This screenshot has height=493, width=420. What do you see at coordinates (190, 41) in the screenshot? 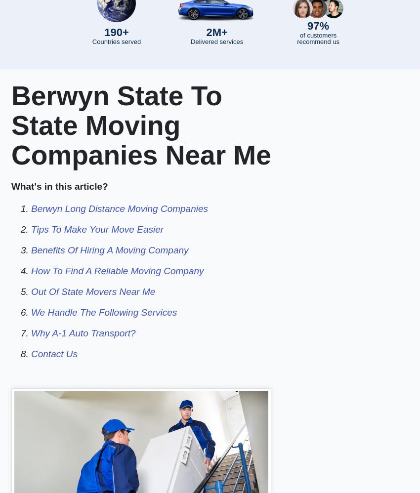
I see `'Delivered'` at bounding box center [190, 41].